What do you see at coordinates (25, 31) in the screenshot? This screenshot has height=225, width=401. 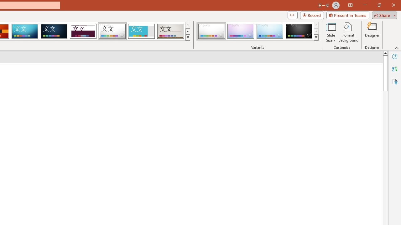 I see `'Circuit'` at bounding box center [25, 31].